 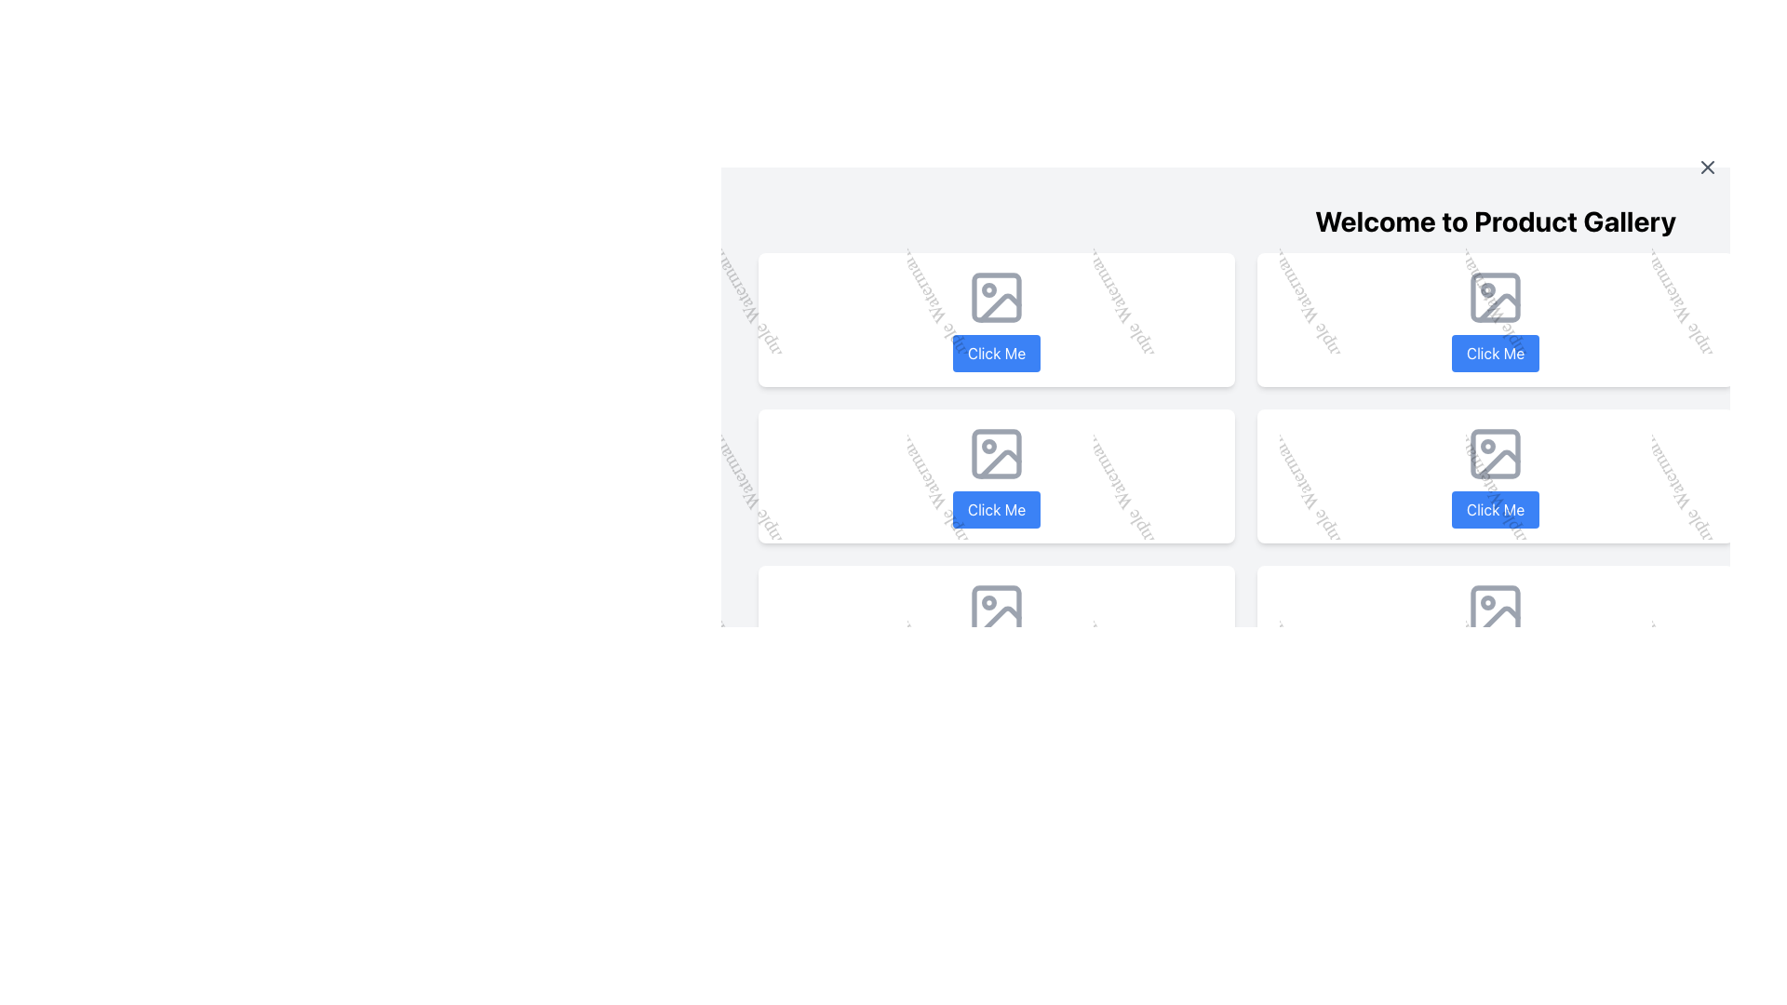 I want to click on the blue button labeled 'Click Me' on the second interactive card in the first row of the product gallery, so click(x=1496, y=318).